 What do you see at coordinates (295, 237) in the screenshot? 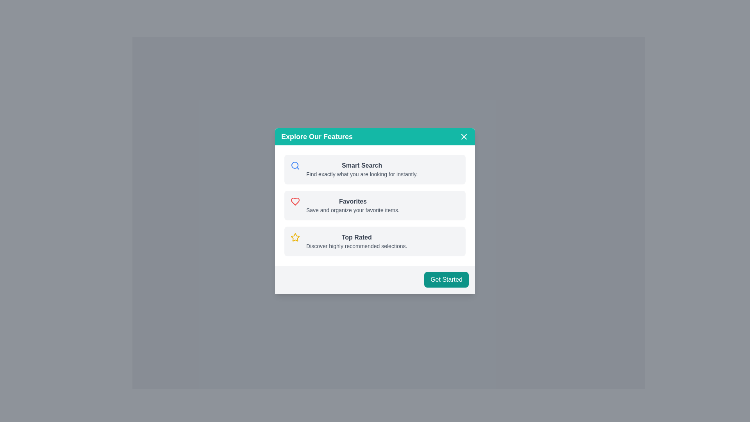
I see `the star icon located in the center of the third list item labeled 'Top Rated' within the modal dialog` at bounding box center [295, 237].